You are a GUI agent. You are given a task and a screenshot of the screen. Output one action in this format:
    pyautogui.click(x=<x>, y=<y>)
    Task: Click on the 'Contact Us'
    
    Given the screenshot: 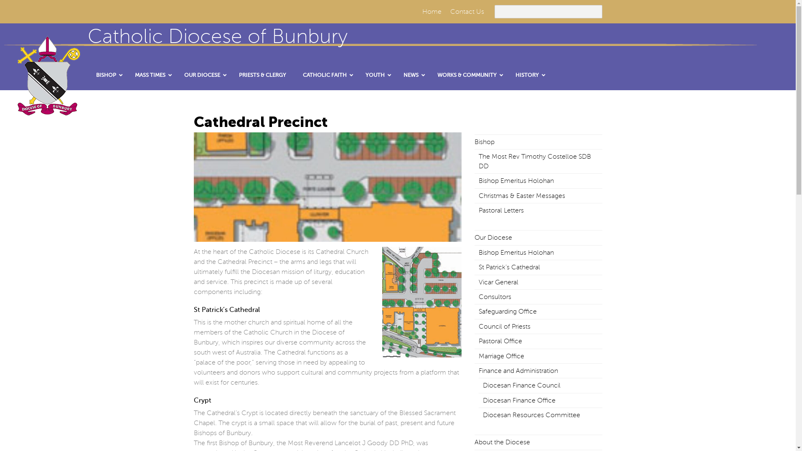 What is the action you would take?
    pyautogui.click(x=467, y=11)
    